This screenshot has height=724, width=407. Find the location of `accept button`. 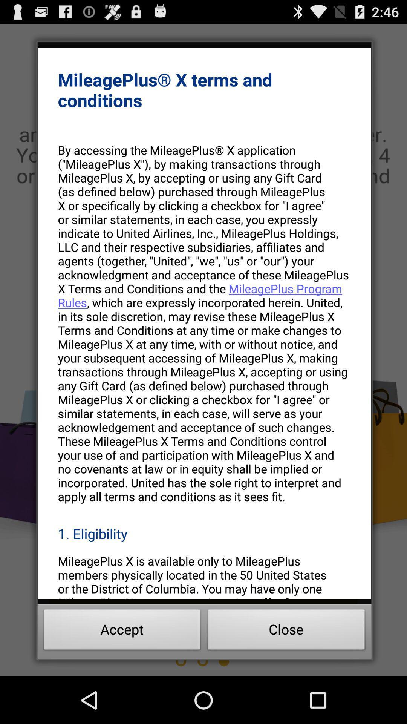

accept button is located at coordinates (122, 632).